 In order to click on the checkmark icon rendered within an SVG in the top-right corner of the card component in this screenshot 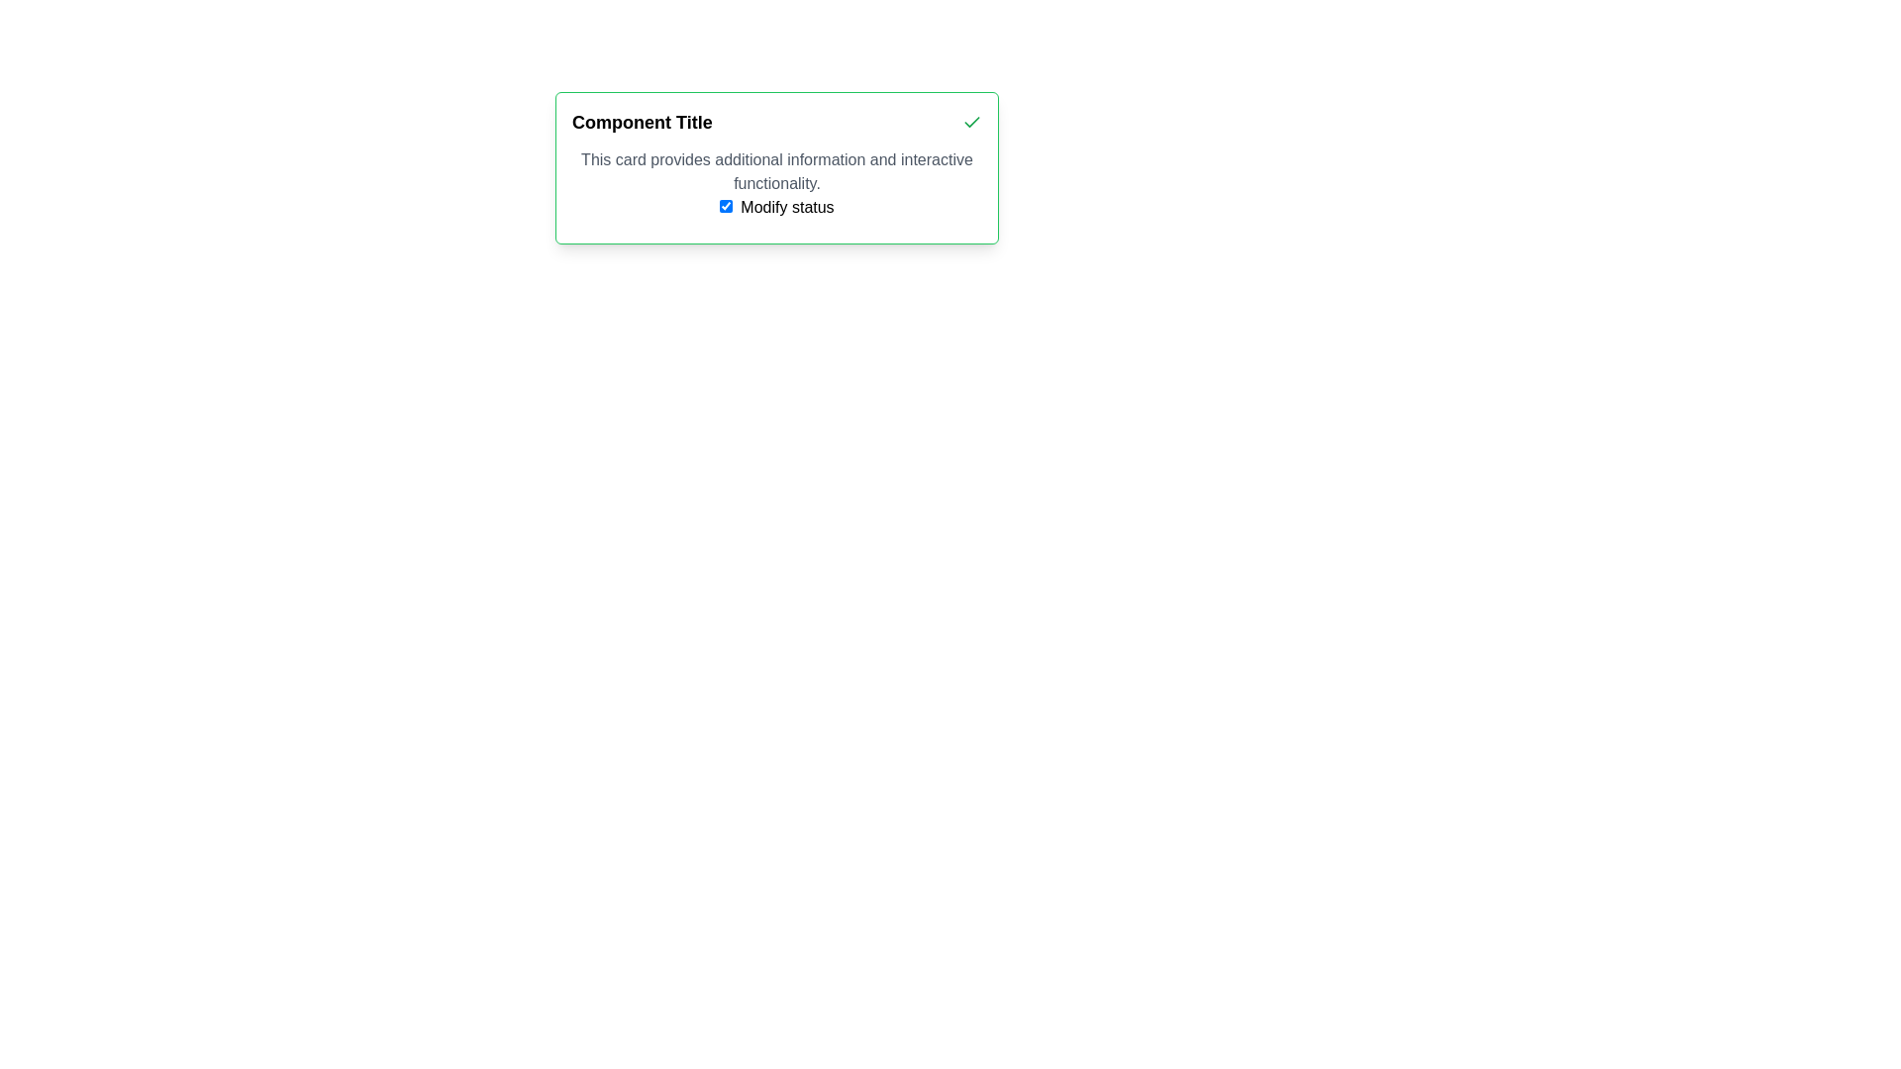, I will do `click(972, 122)`.